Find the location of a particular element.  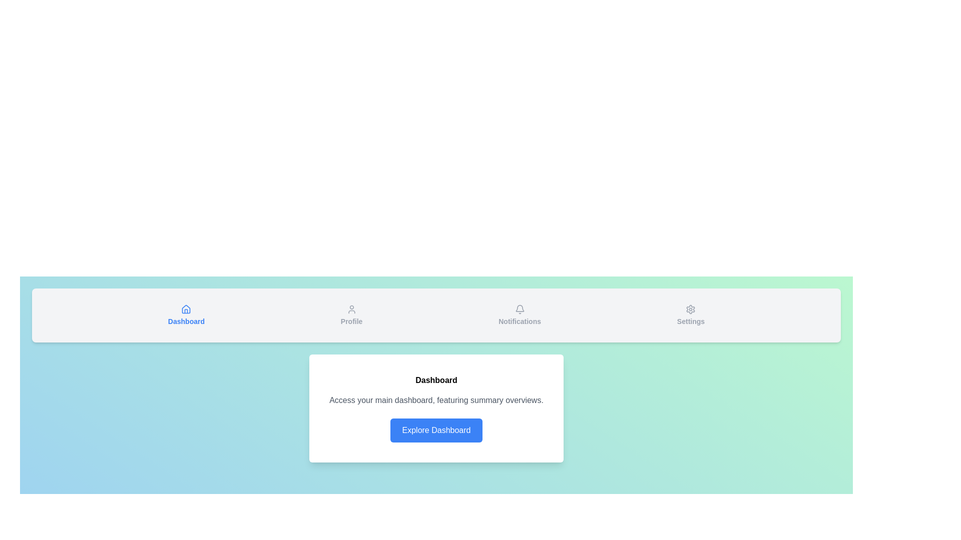

the tab labeled Settings to view its content is located at coordinates (690, 315).